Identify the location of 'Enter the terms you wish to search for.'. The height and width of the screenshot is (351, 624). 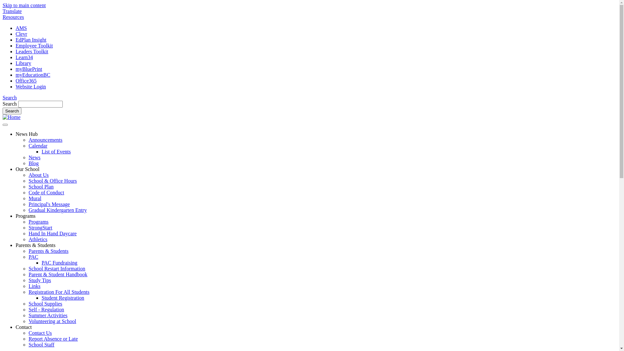
(40, 104).